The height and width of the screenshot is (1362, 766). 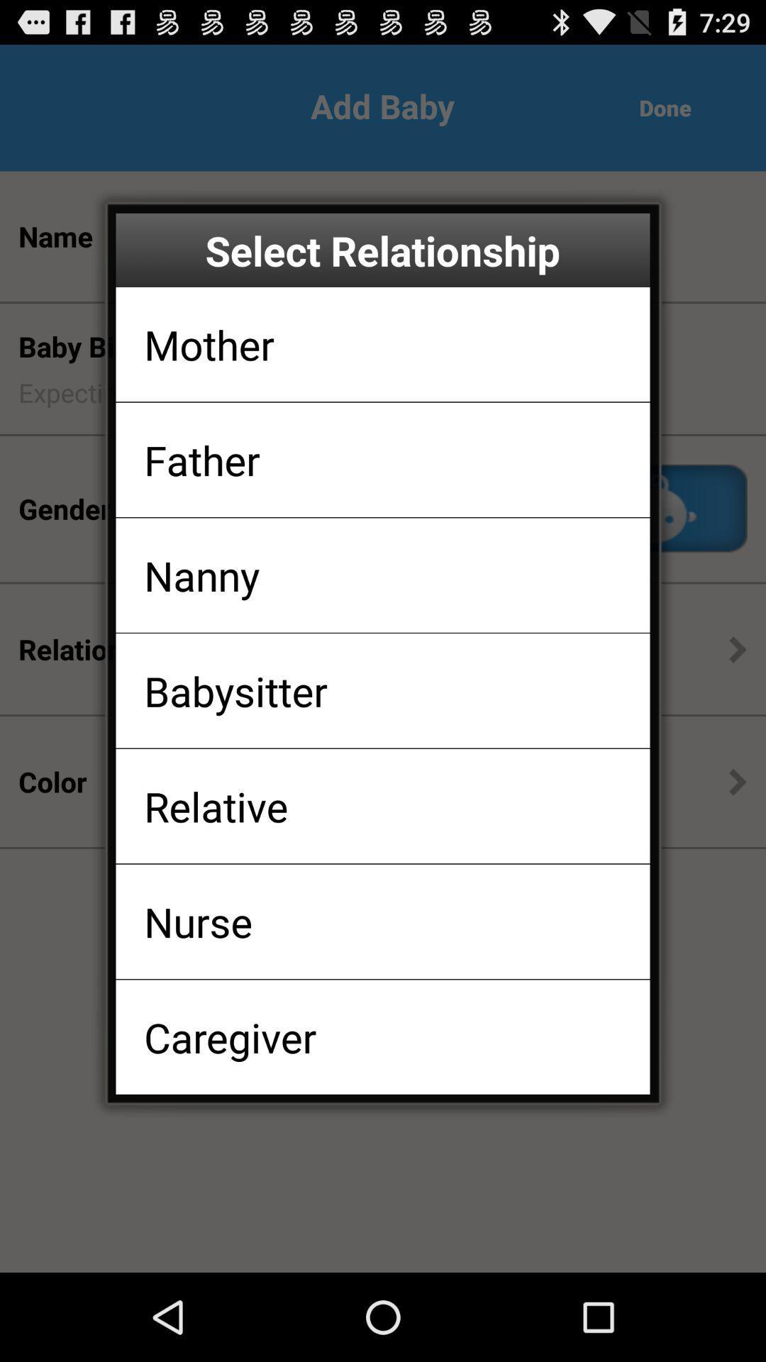 What do you see at coordinates (201, 575) in the screenshot?
I see `the icon below the father item` at bounding box center [201, 575].